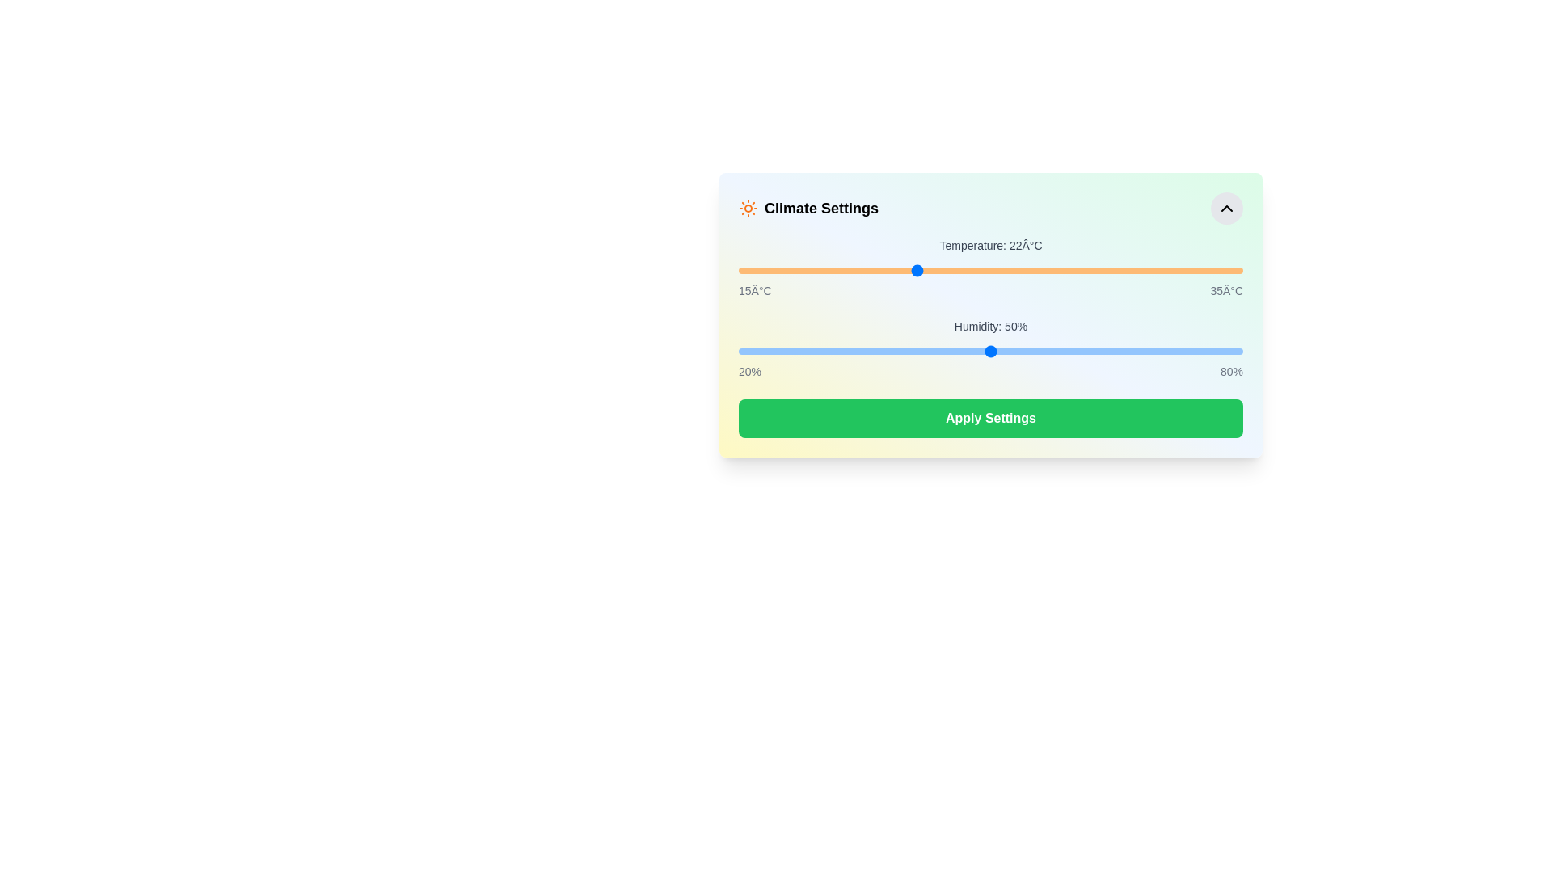 The width and height of the screenshot is (1552, 873). What do you see at coordinates (748, 208) in the screenshot?
I see `the sun icon representing climate controls, which is located to the left of the 'Climate Settings' label` at bounding box center [748, 208].